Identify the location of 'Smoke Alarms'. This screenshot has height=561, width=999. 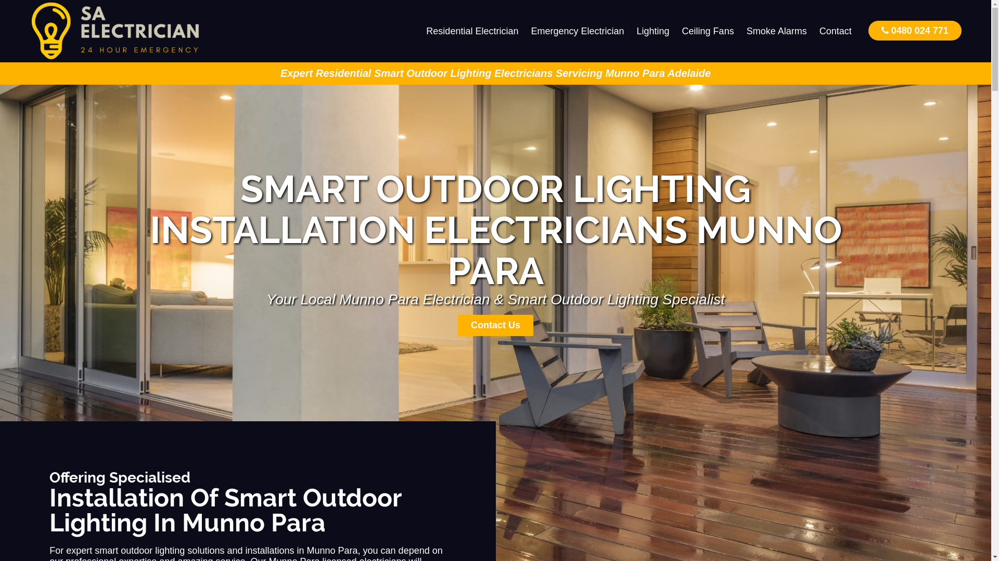
(776, 31).